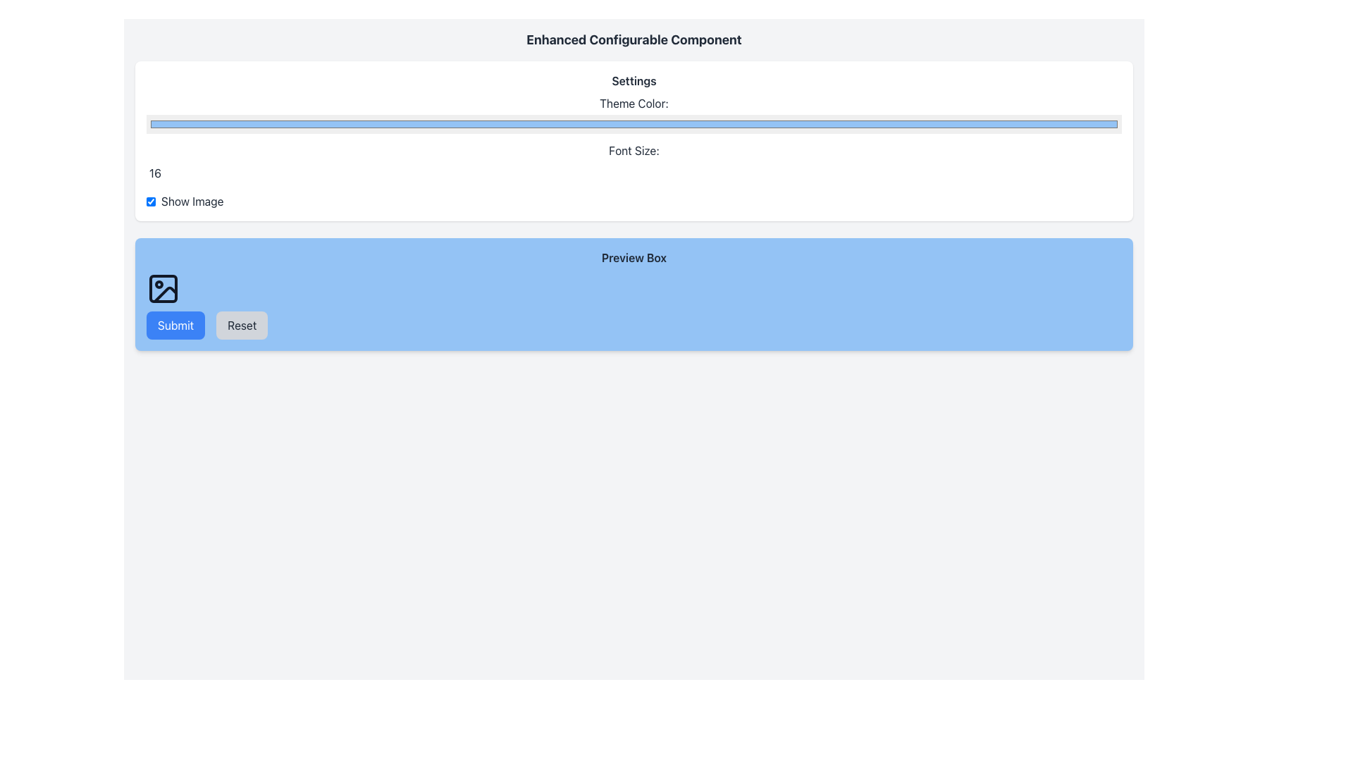  I want to click on displayed text of the header element that serves as the title for the settings section, positioned above the 'Theme Color', 'Font Size', and 'Show Image' fields, so click(634, 81).